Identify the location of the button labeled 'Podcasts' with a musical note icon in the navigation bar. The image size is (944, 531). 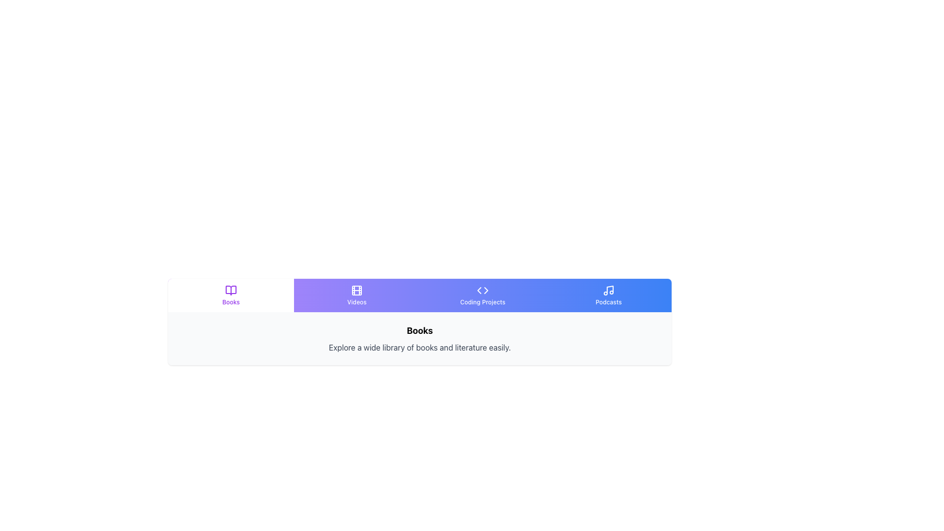
(608, 295).